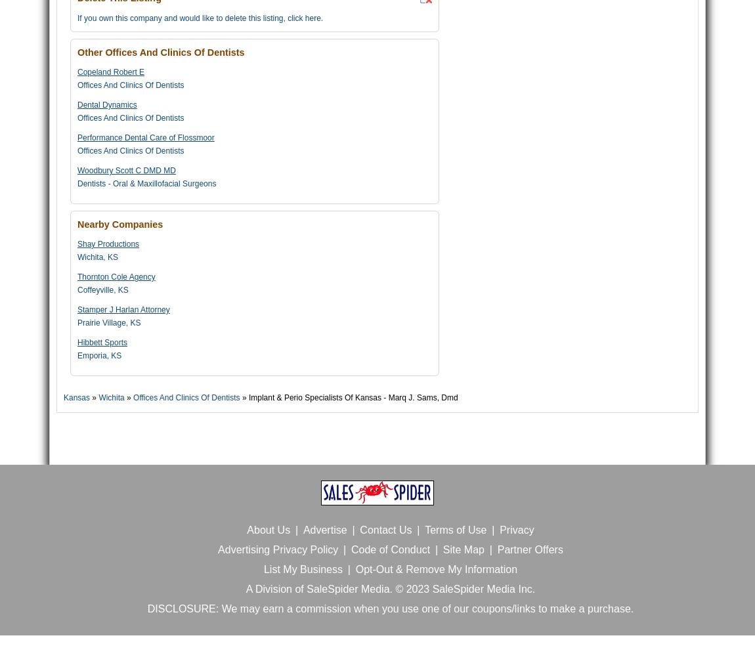 This screenshot has width=755, height=663. What do you see at coordinates (303, 569) in the screenshot?
I see `'List My Business'` at bounding box center [303, 569].